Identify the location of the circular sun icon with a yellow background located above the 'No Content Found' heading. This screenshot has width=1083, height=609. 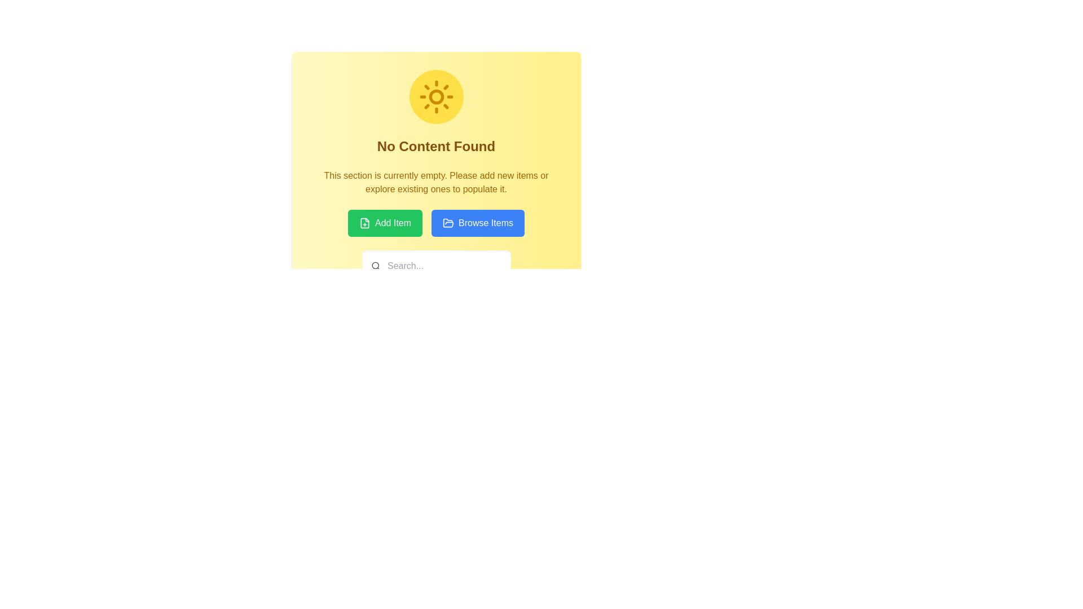
(435, 96).